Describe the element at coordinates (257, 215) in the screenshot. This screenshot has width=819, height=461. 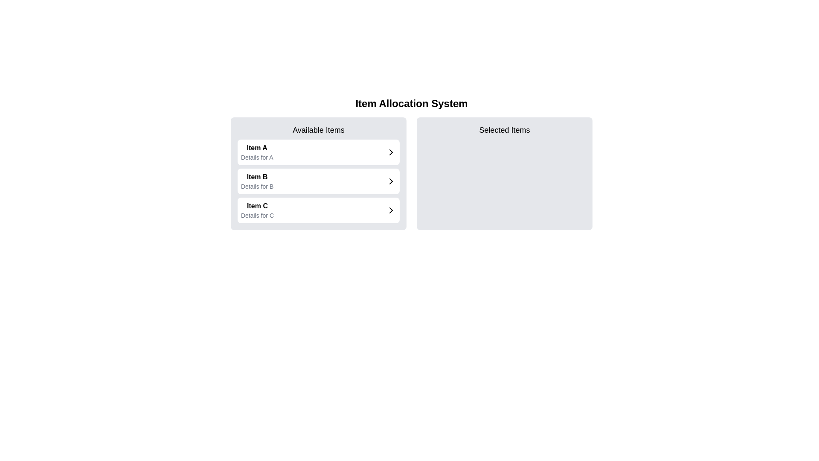
I see `descriptive text label located below 'Item C' in the 'Available Items' section` at that location.